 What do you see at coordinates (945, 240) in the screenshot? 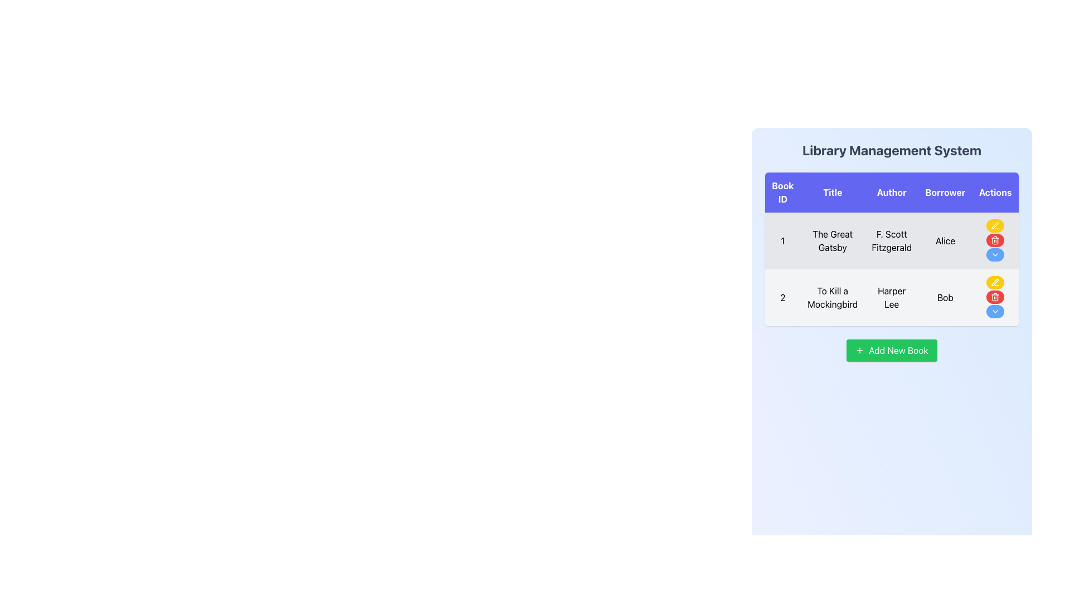
I see `the text display element that shows the name of the borrower for book ID '1' in the 'Borrower' column of the table` at bounding box center [945, 240].